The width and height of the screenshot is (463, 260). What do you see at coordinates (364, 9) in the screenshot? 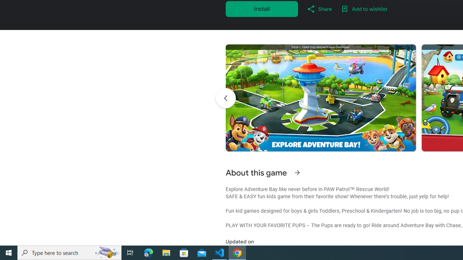
I see `'Add to wishlist'` at bounding box center [364, 9].